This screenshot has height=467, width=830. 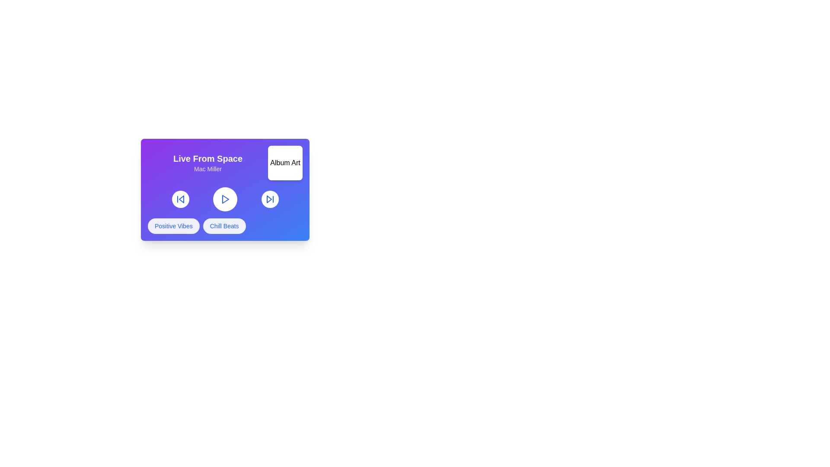 What do you see at coordinates (269, 199) in the screenshot?
I see `the circular button with a white background, blue border, and forward-skip icon` at bounding box center [269, 199].